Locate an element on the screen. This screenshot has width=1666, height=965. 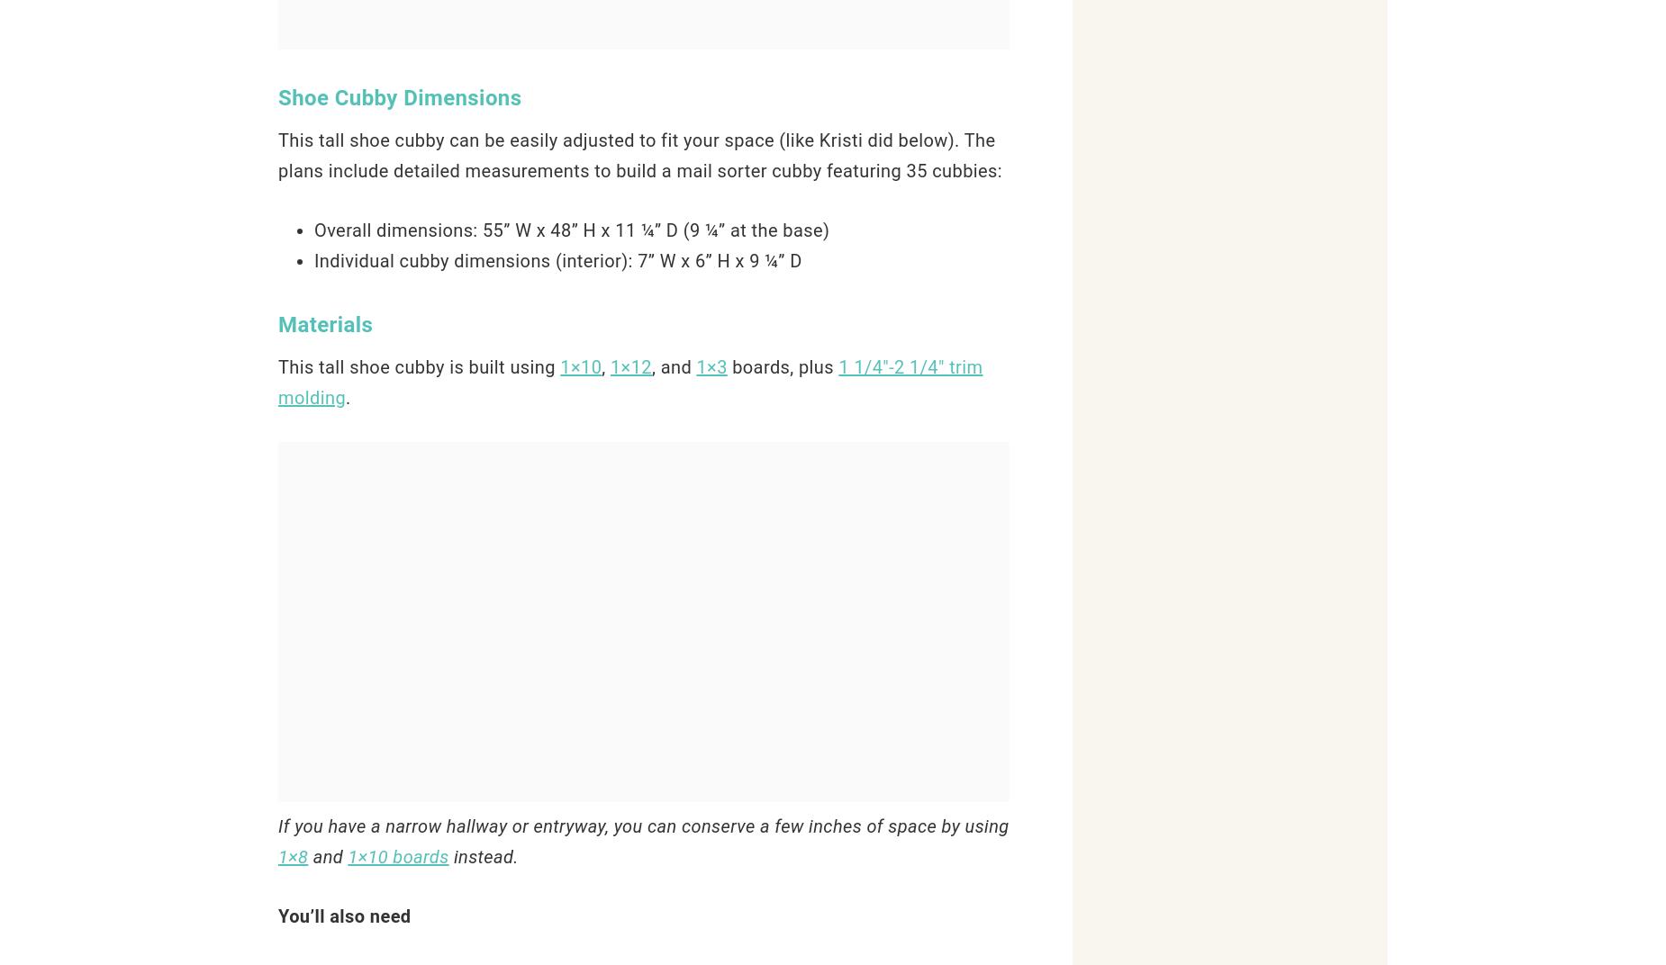
'If you have a narrow hallway or entryway, you can conserve a few inches of space by using' is located at coordinates (276, 825).